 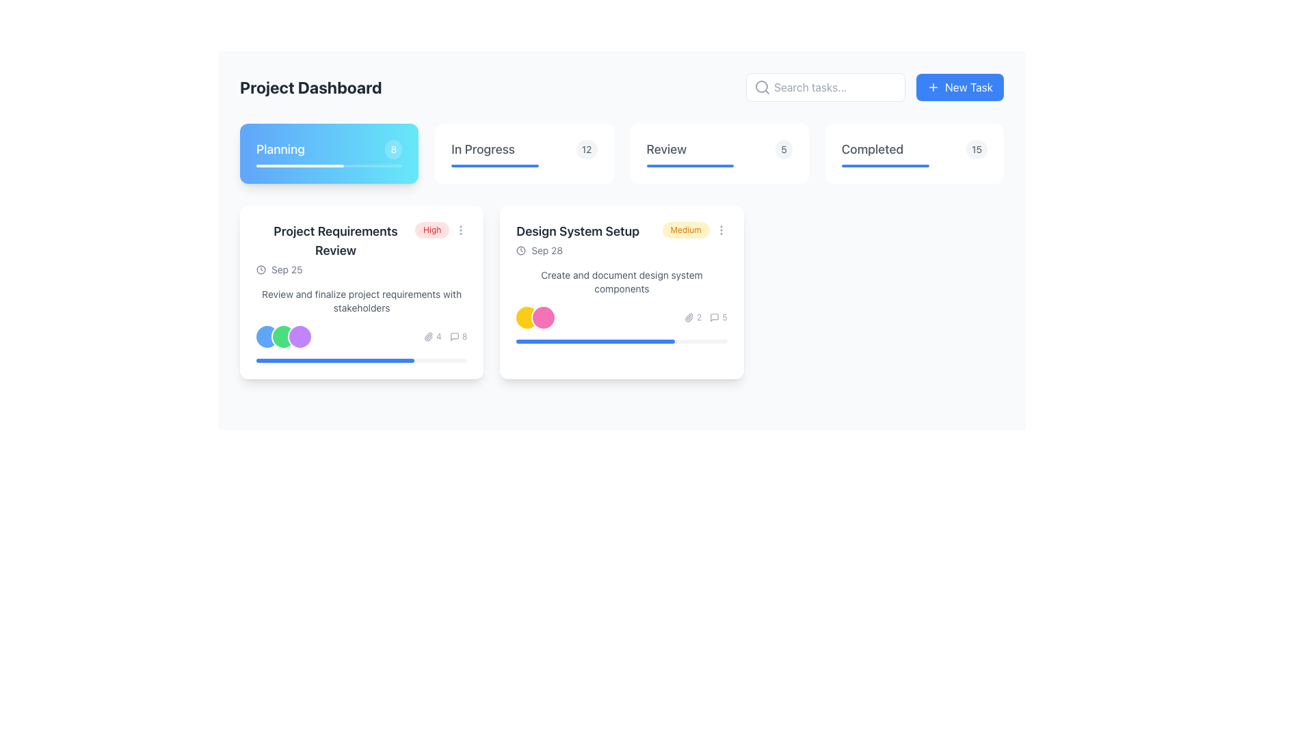 I want to click on the informational badge displaying the number '5', so click(x=784, y=150).